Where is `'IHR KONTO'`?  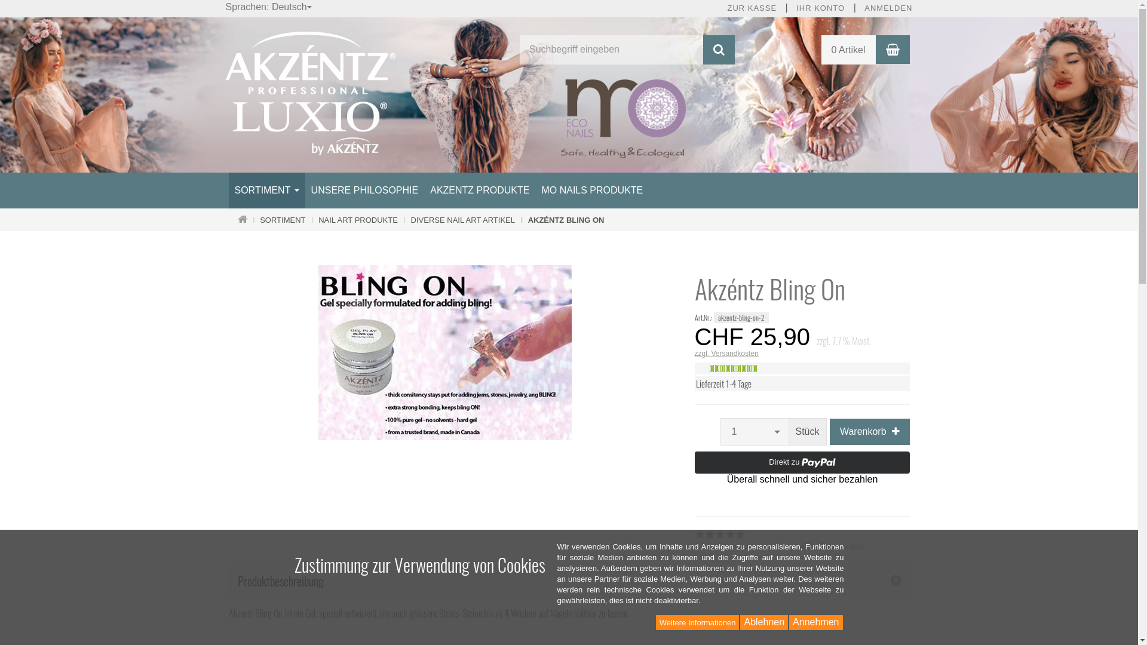 'IHR KONTO' is located at coordinates (820, 8).